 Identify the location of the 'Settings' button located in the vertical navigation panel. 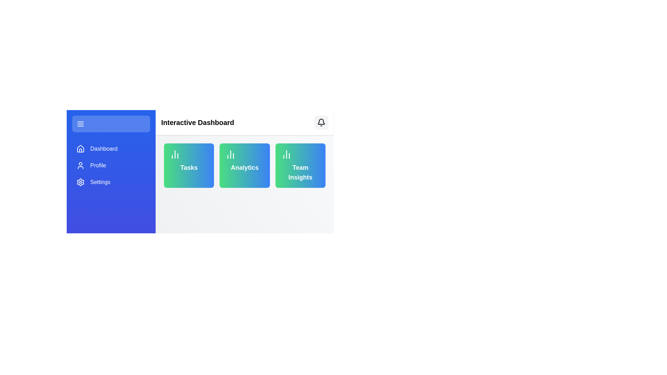
(111, 182).